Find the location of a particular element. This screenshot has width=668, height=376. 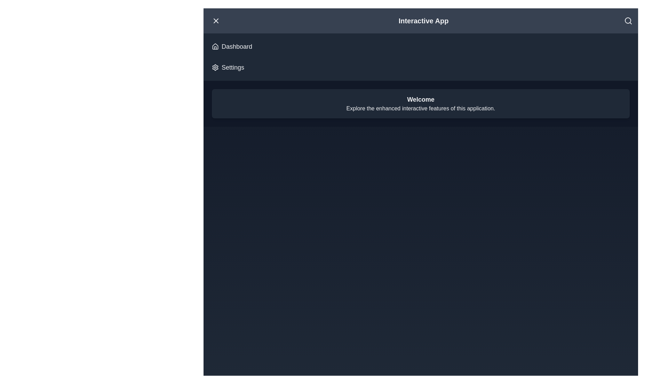

menu button to toggle the menu visibility is located at coordinates (215, 21).